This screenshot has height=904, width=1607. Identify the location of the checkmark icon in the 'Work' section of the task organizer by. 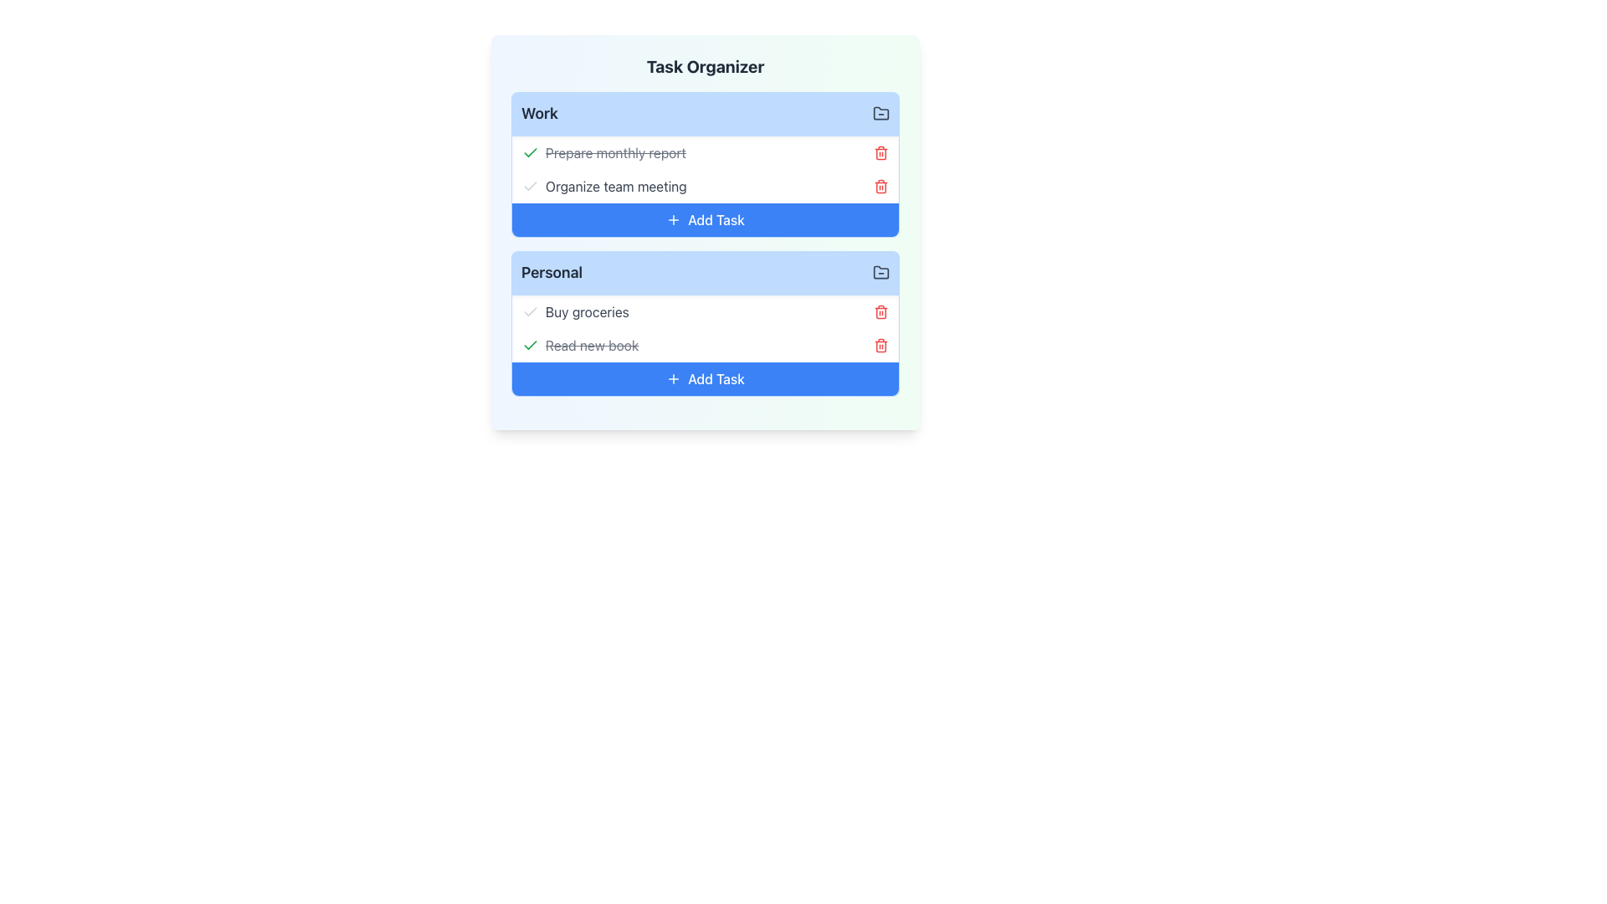
(529, 187).